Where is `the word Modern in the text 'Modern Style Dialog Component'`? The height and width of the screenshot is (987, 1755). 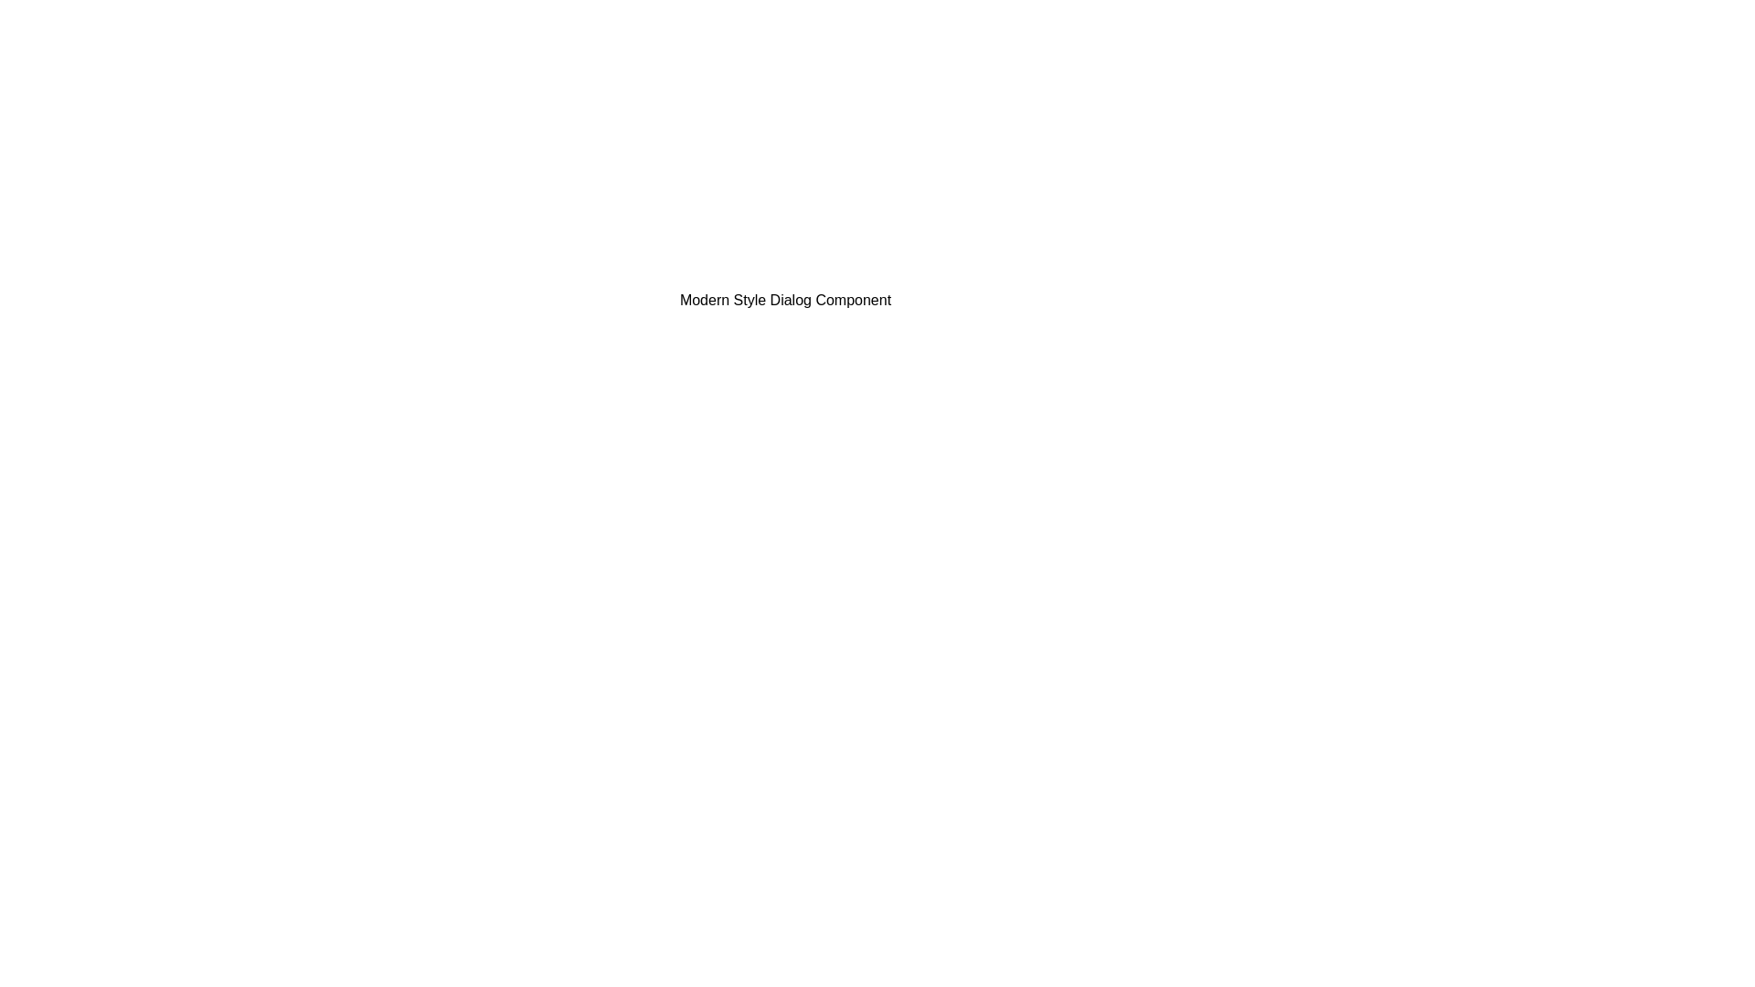
the word Modern in the text 'Modern Style Dialog Component' is located at coordinates (501, 288).